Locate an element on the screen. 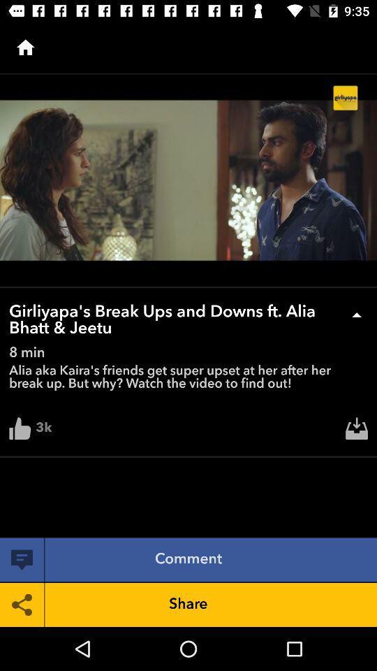 The image size is (377, 671). the file_download icon is located at coordinates (357, 431).